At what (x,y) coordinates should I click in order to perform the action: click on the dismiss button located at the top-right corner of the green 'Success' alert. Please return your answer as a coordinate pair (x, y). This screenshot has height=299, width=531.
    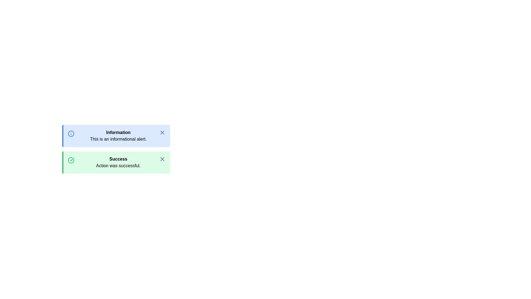
    Looking at the image, I should click on (162, 159).